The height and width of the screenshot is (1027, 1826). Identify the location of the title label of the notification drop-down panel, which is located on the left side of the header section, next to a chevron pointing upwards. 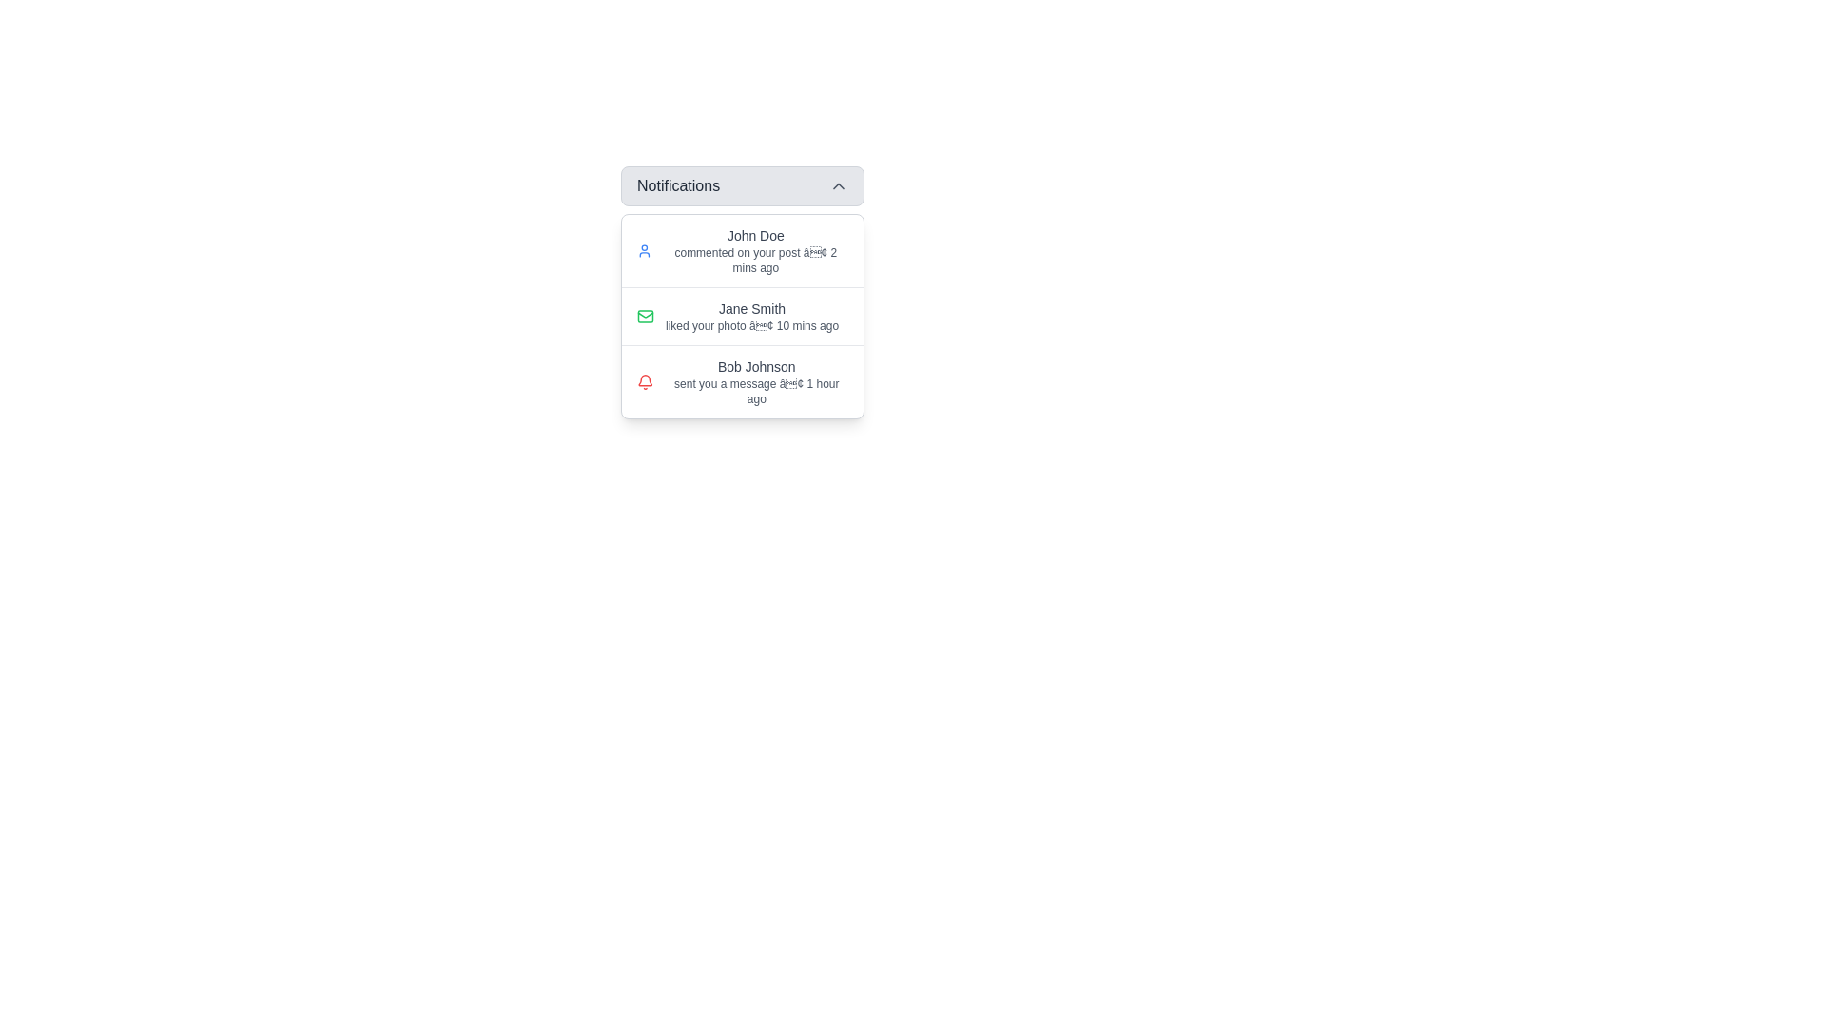
(678, 186).